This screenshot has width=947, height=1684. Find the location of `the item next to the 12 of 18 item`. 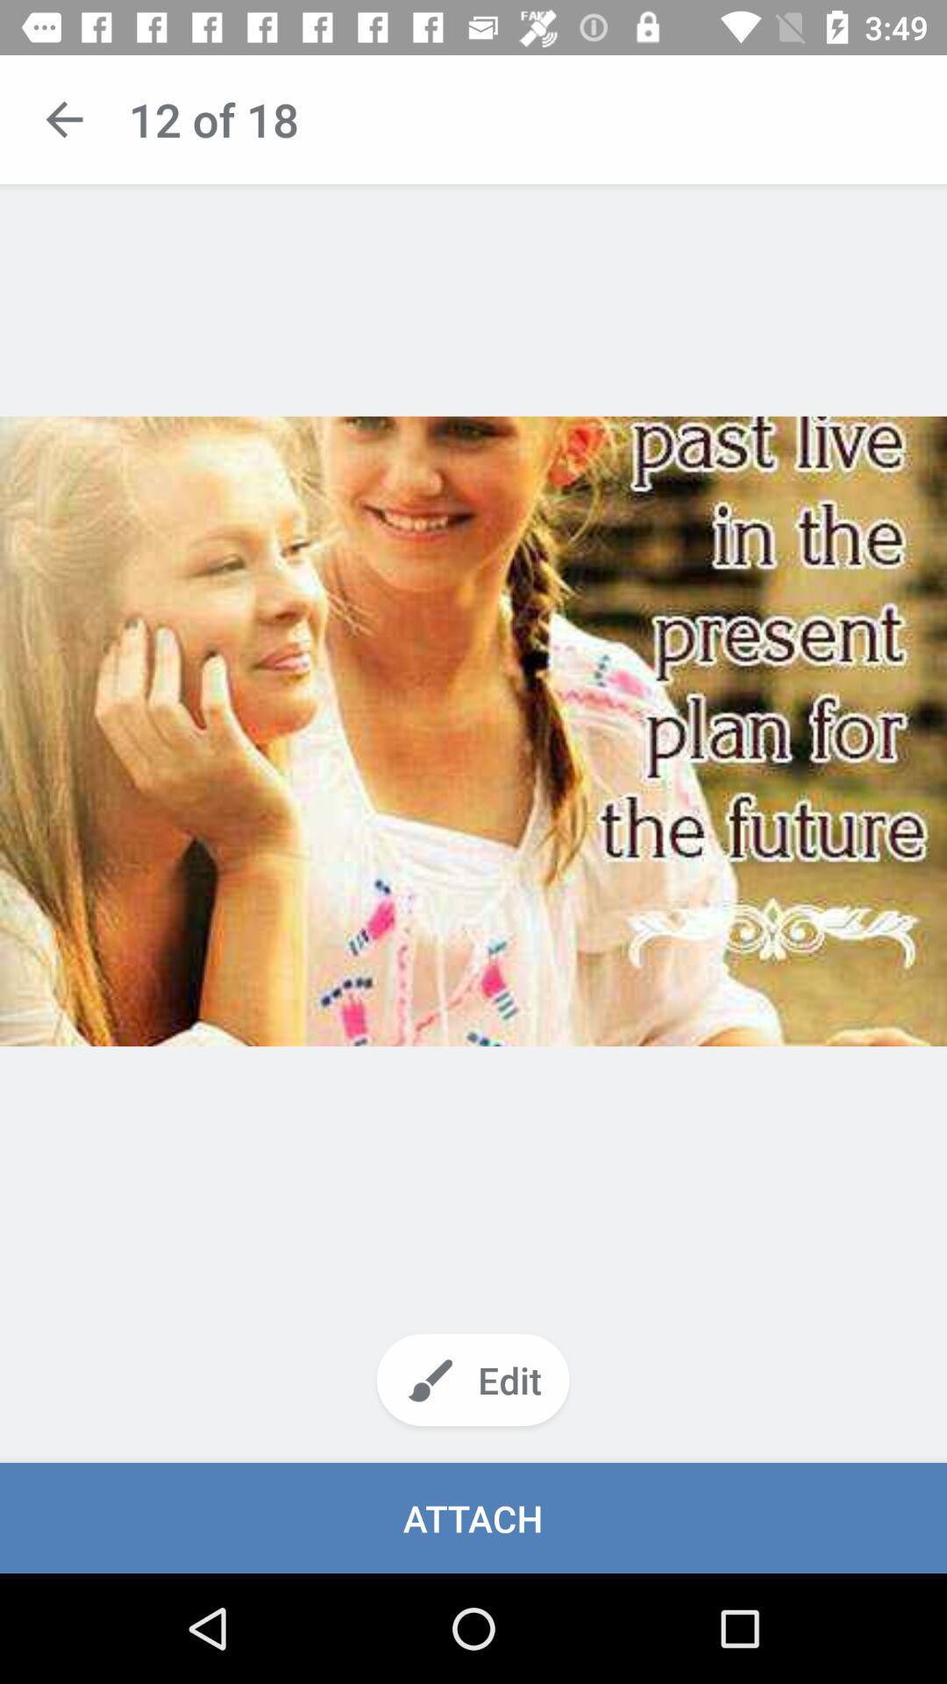

the item next to the 12 of 18 item is located at coordinates (63, 118).